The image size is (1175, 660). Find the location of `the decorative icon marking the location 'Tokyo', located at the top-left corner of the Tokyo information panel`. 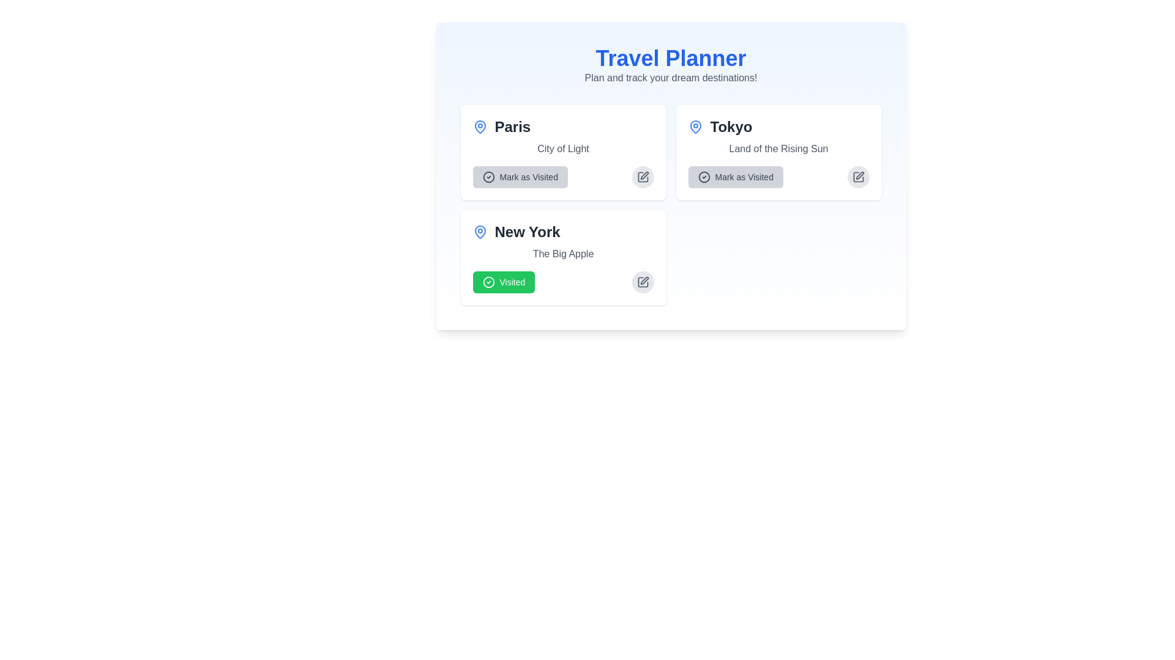

the decorative icon marking the location 'Tokyo', located at the top-left corner of the Tokyo information panel is located at coordinates (695, 127).